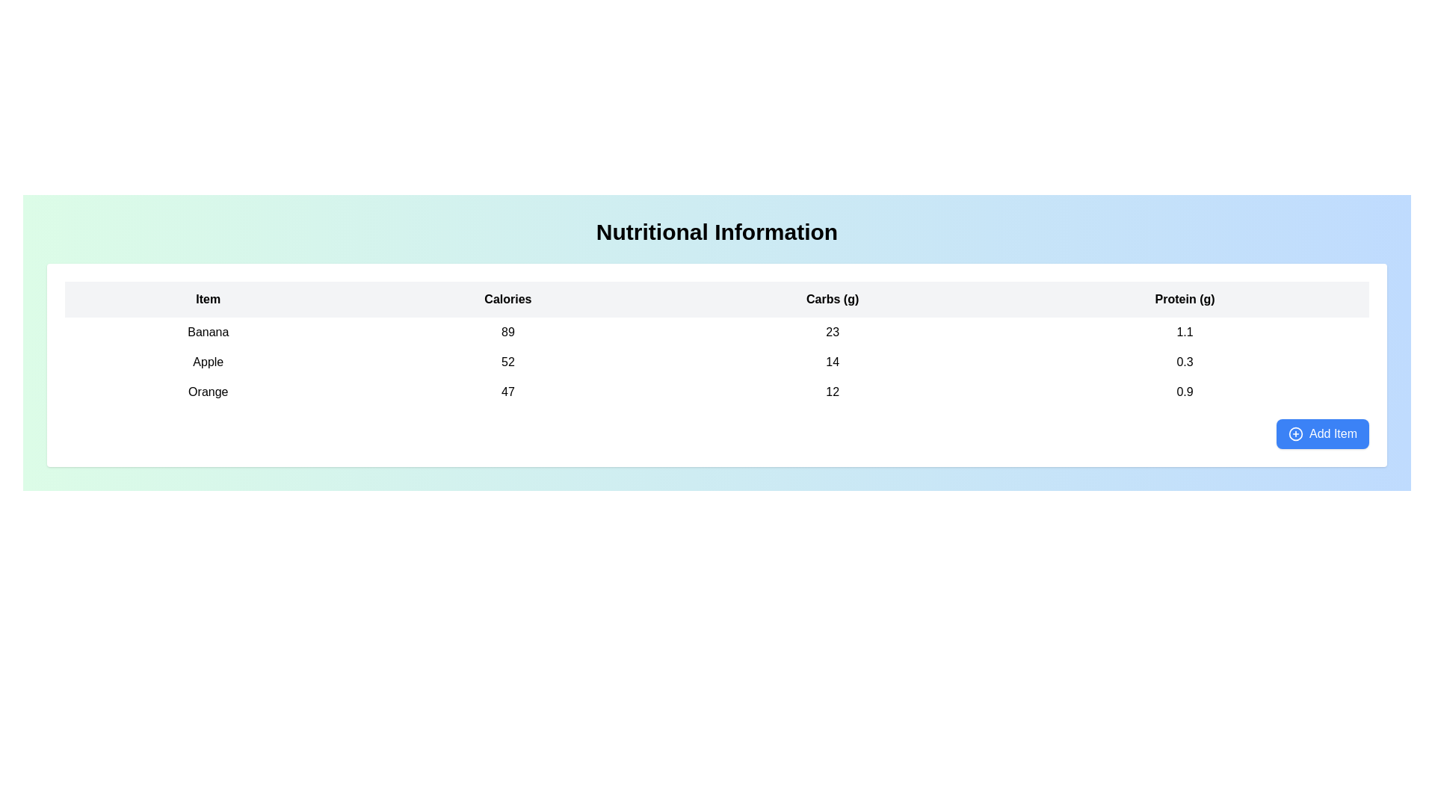  Describe the element at coordinates (716, 391) in the screenshot. I see `the third row of the table displaying nutritional information, which contains the cells for 'Orange', '47', '12', and '0.9'` at that location.